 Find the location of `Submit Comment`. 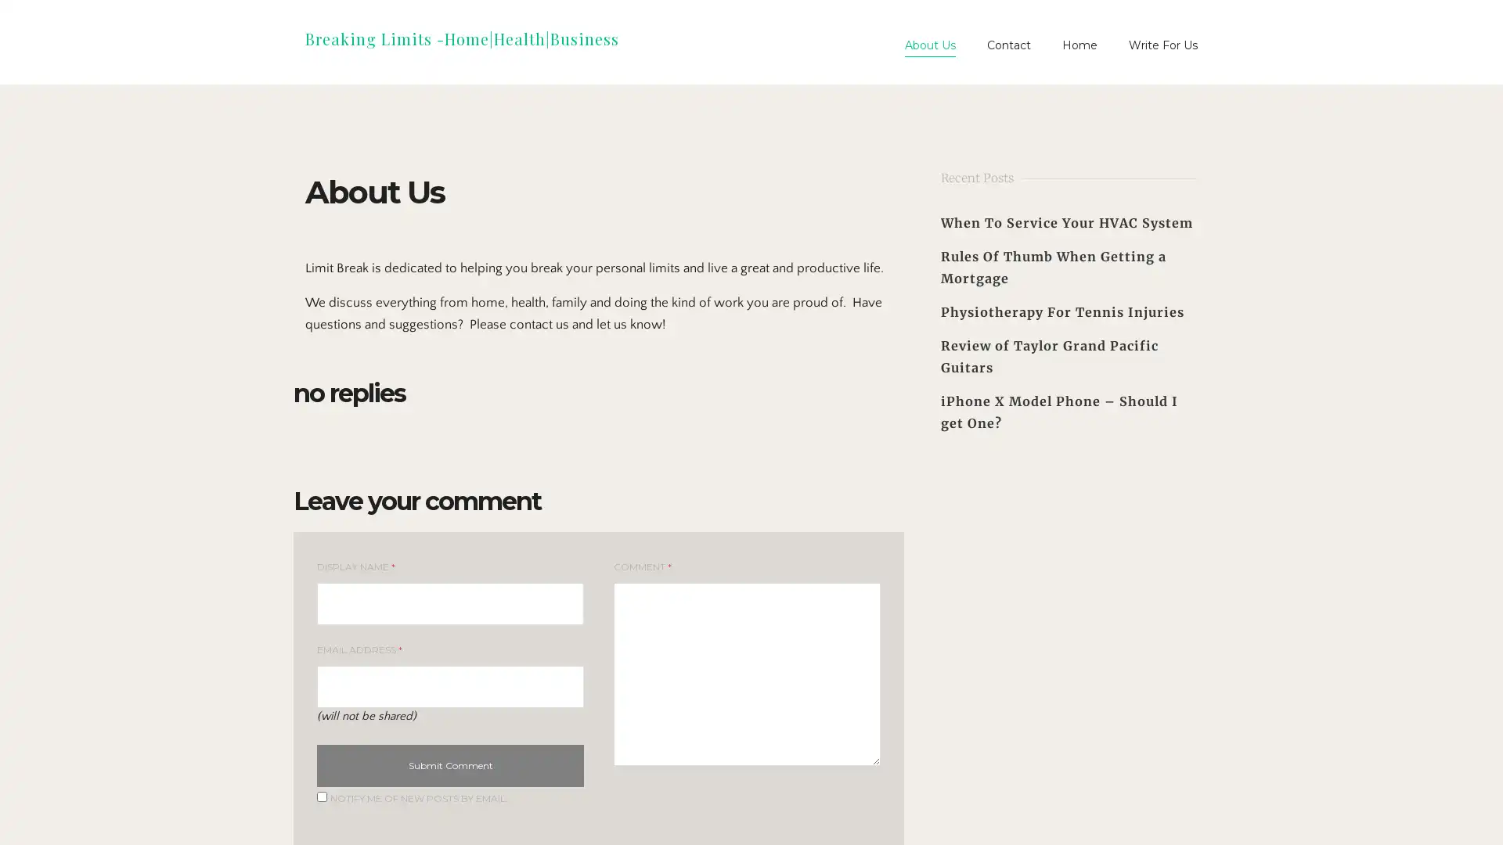

Submit Comment is located at coordinates (449, 765).